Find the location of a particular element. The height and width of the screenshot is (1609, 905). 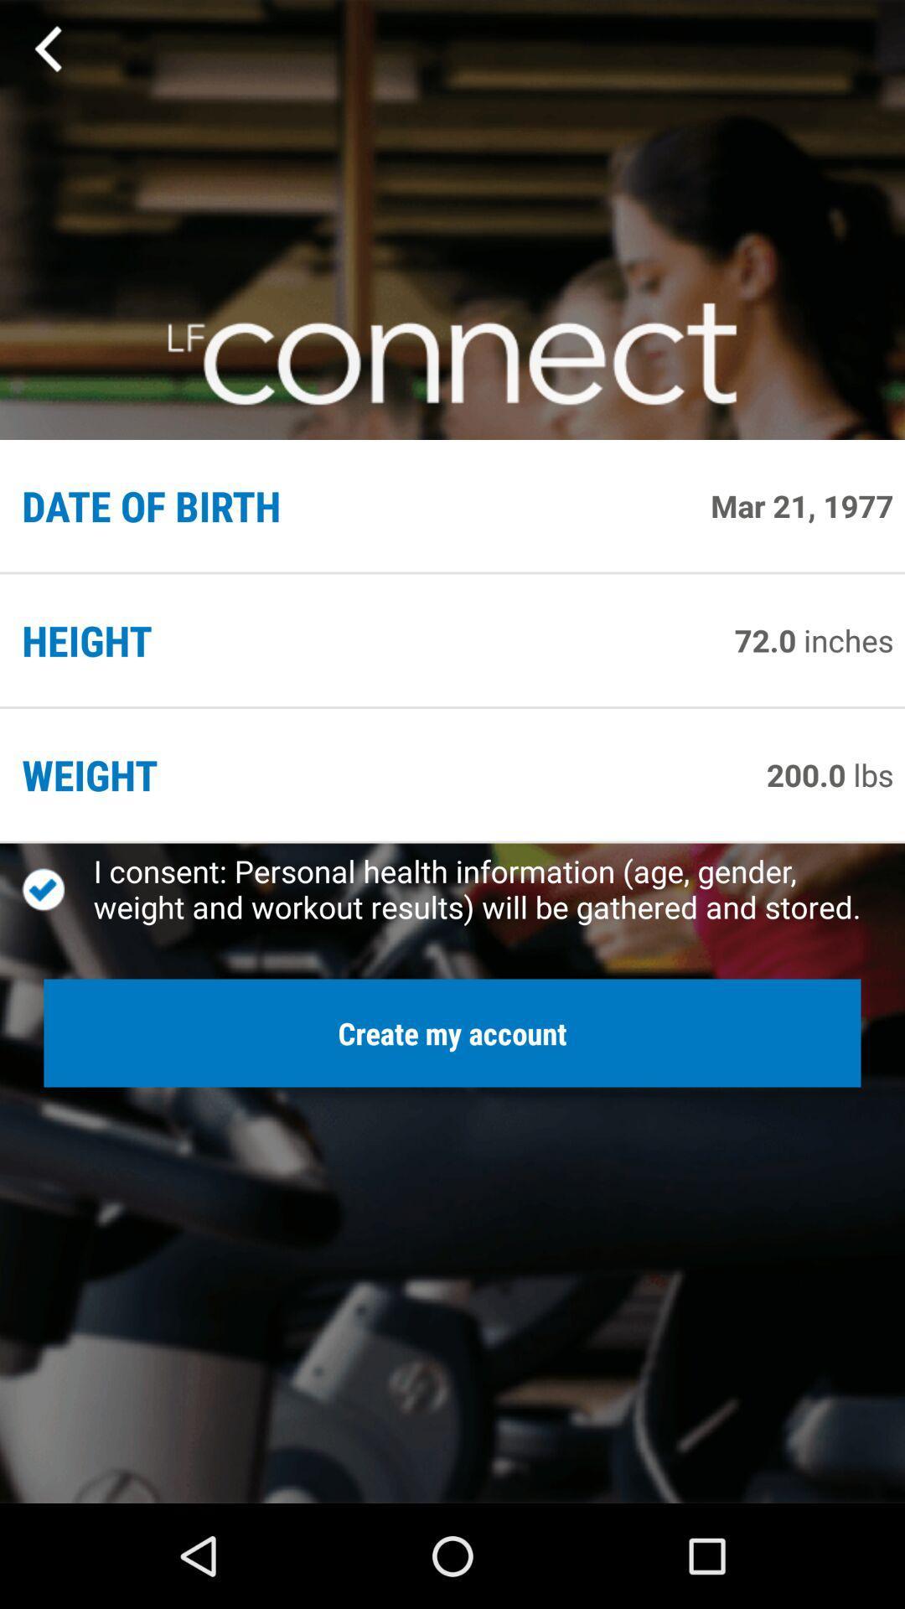

the symbol of tick option is located at coordinates (57, 888).